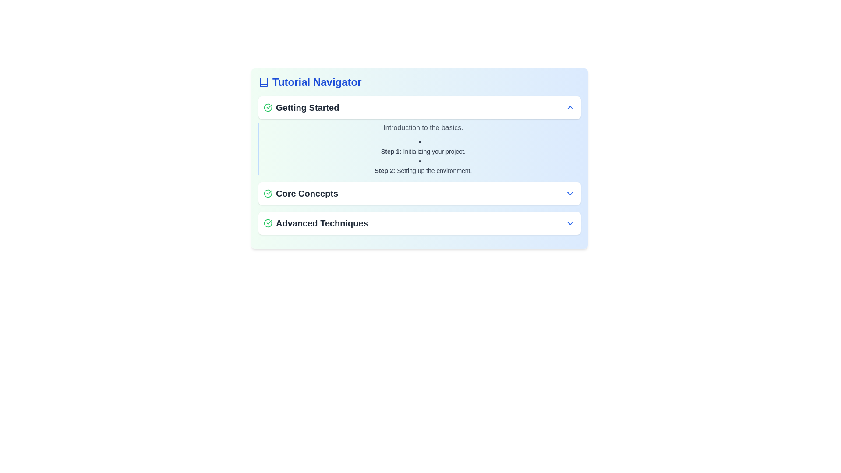 The image size is (841, 473). What do you see at coordinates (423, 146) in the screenshot?
I see `the instructional text label positioned between 'Introduction to the basics' and 'Step 2: Setting up the environment' for emphasis` at bounding box center [423, 146].